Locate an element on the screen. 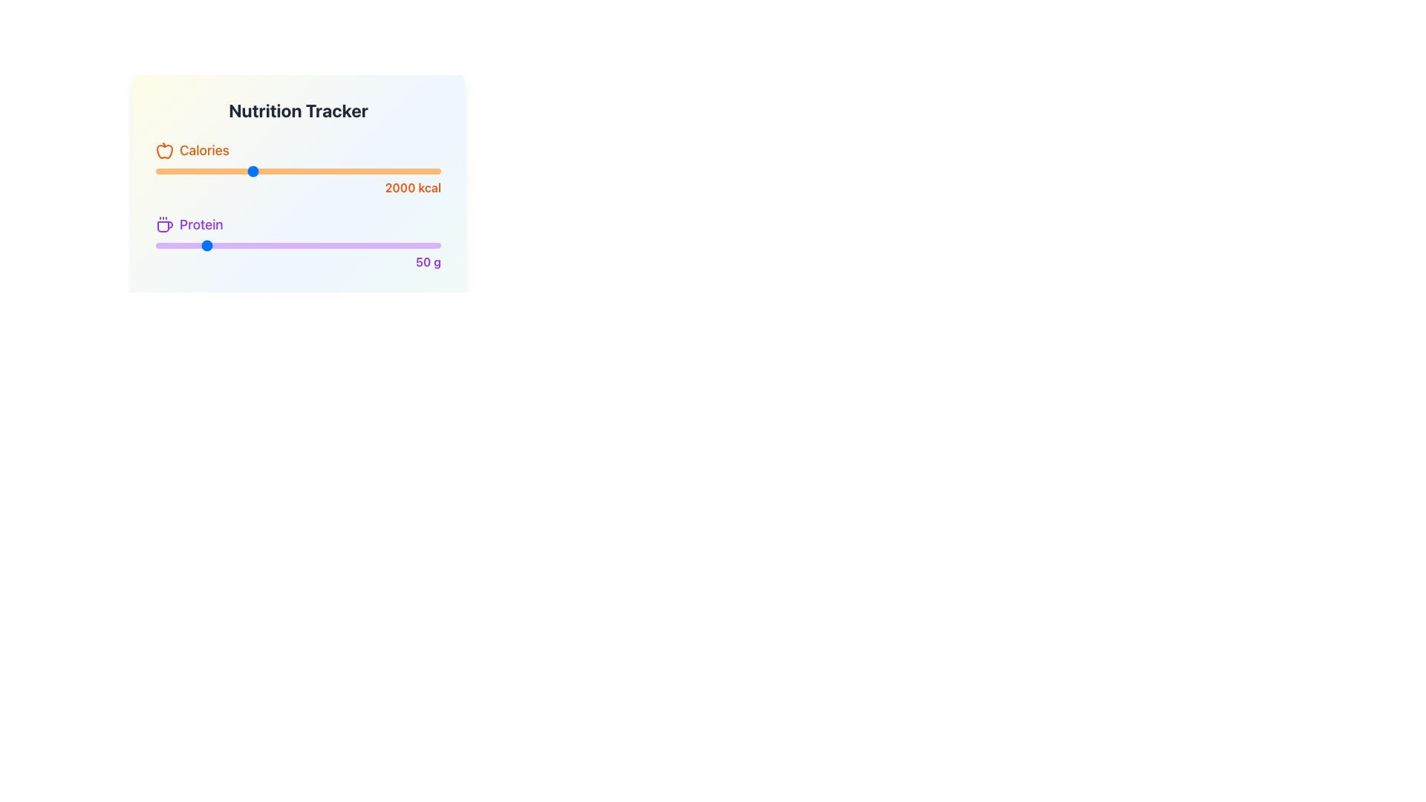  protein quantity is located at coordinates (328, 245).